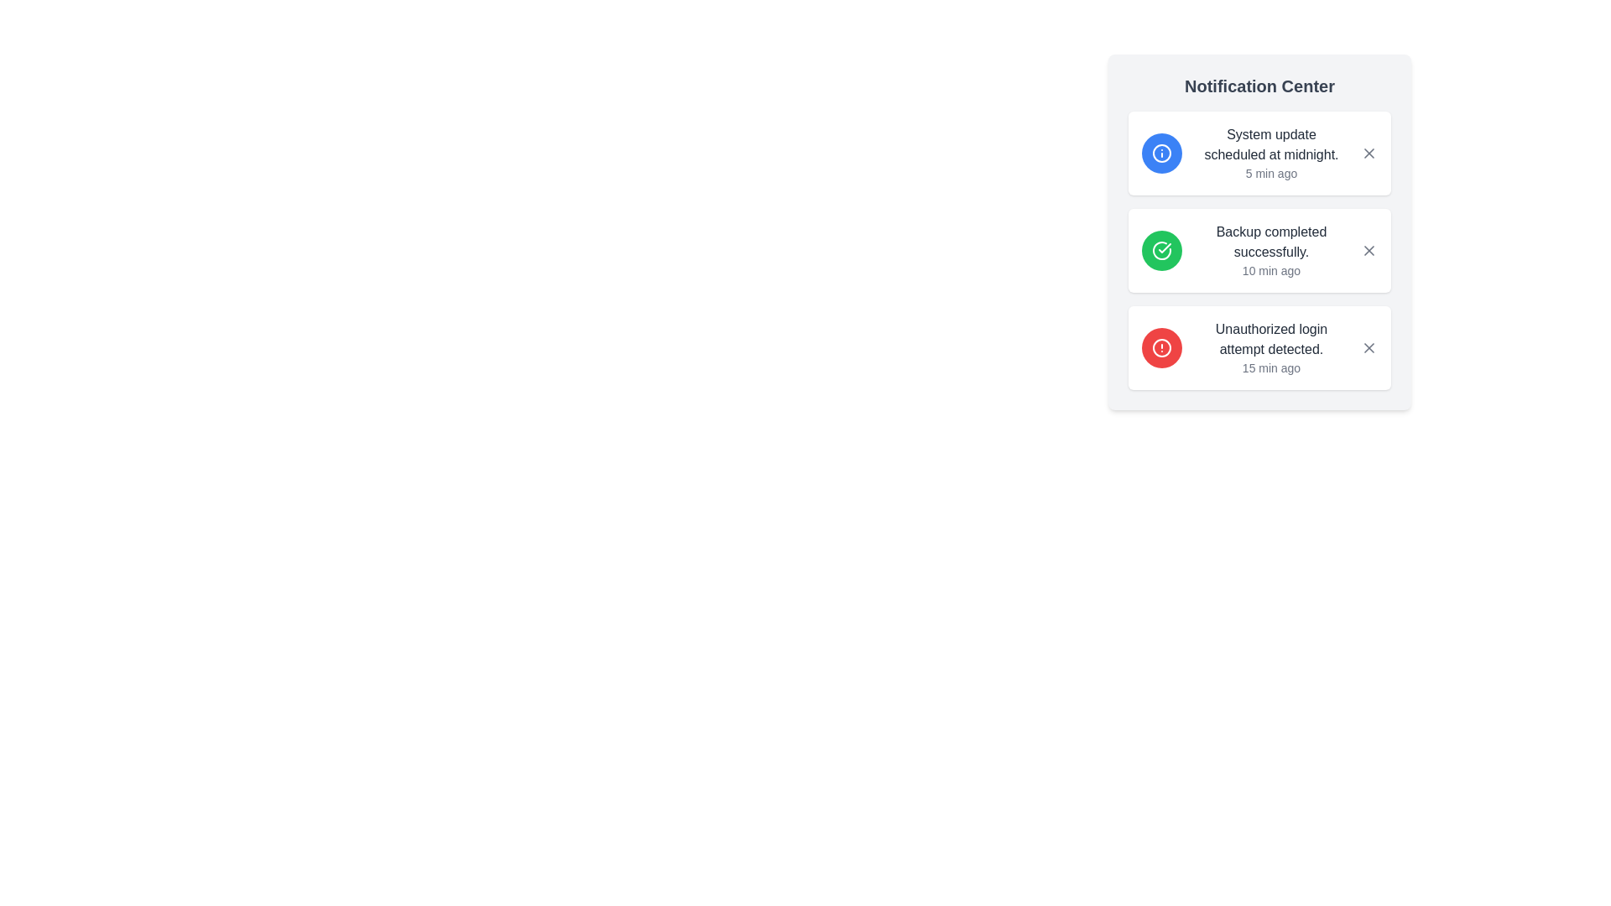 This screenshot has height=906, width=1611. I want to click on information displayed in the text element that shows 'Backup completed successfully.' and '10 min ago' in the Notification Center, so click(1271, 251).